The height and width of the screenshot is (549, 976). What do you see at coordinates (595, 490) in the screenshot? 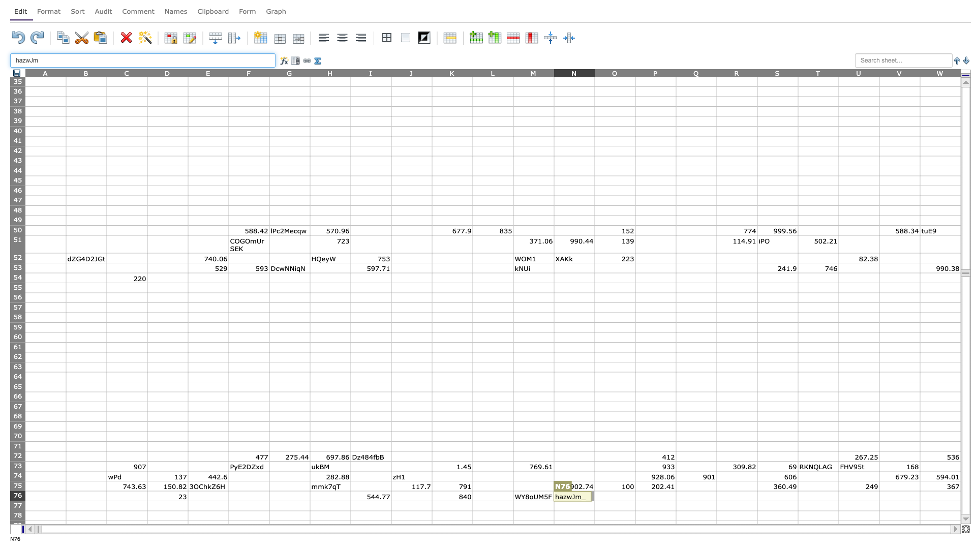
I see `Upper left corner of cell O76` at bounding box center [595, 490].